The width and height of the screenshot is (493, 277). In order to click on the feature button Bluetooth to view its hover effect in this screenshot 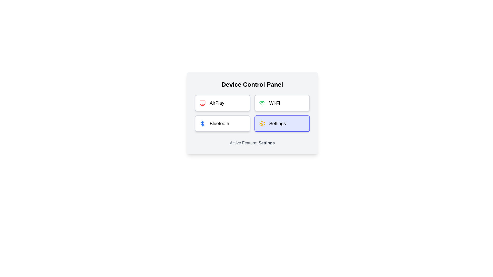, I will do `click(222, 124)`.